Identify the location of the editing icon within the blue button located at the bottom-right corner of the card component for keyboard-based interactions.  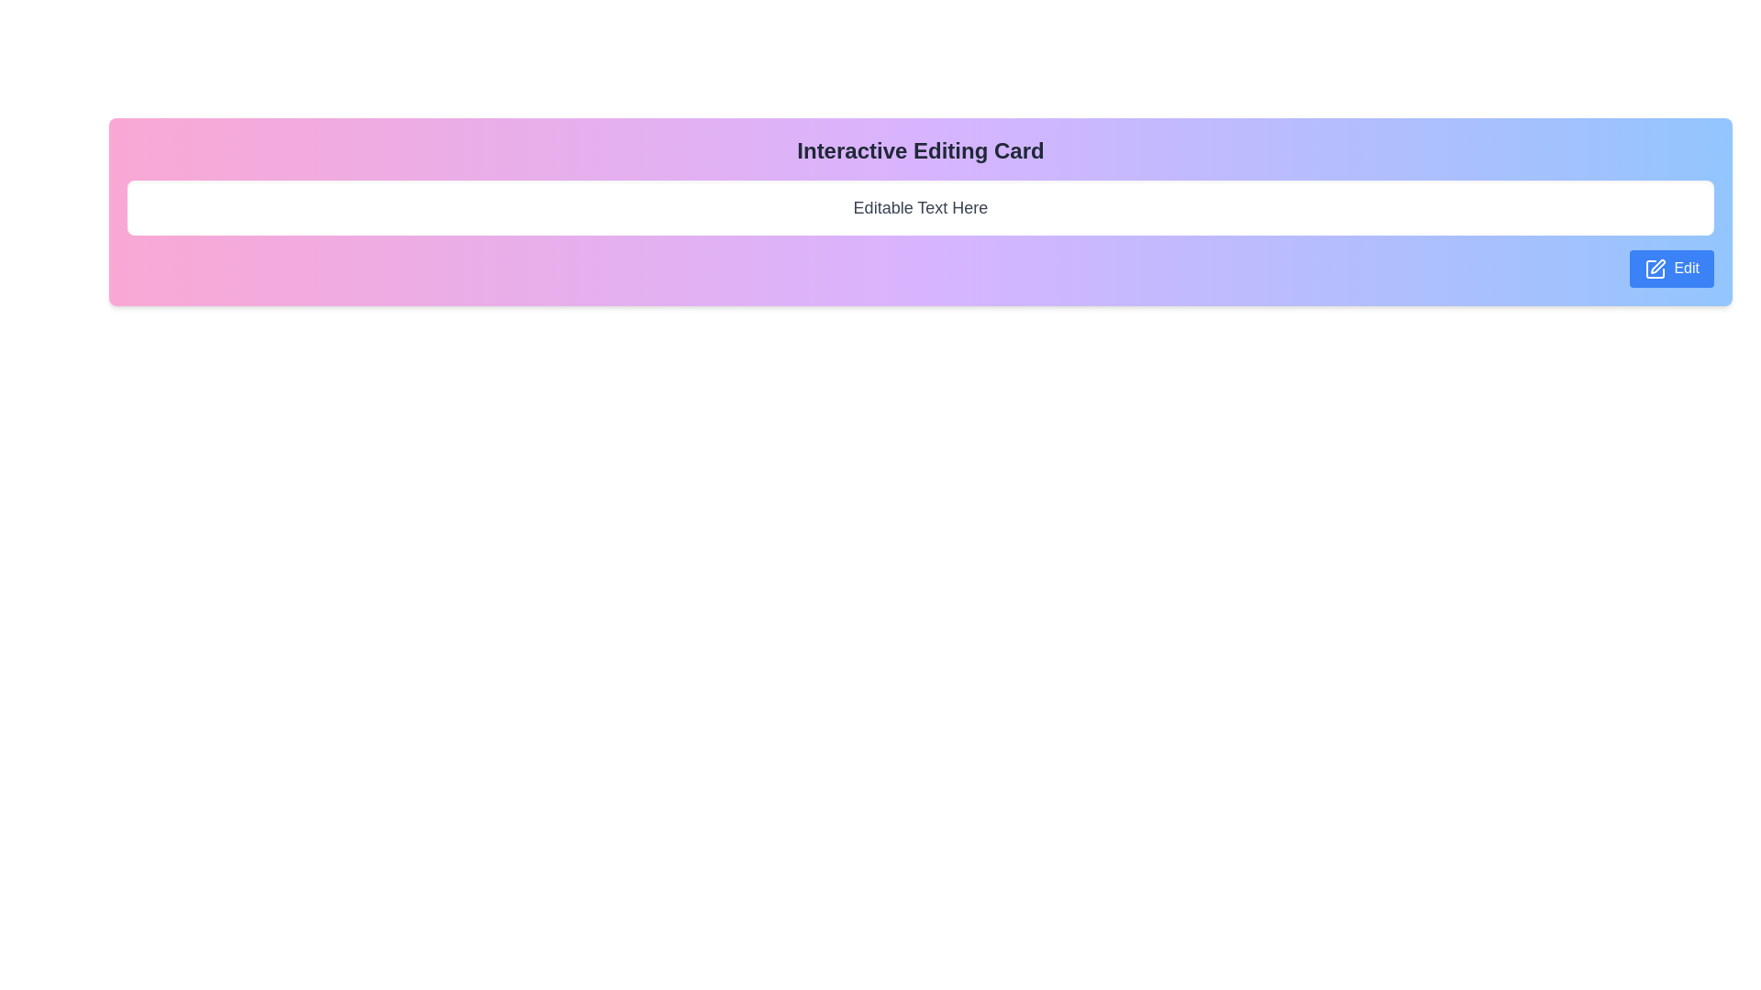
(1656, 269).